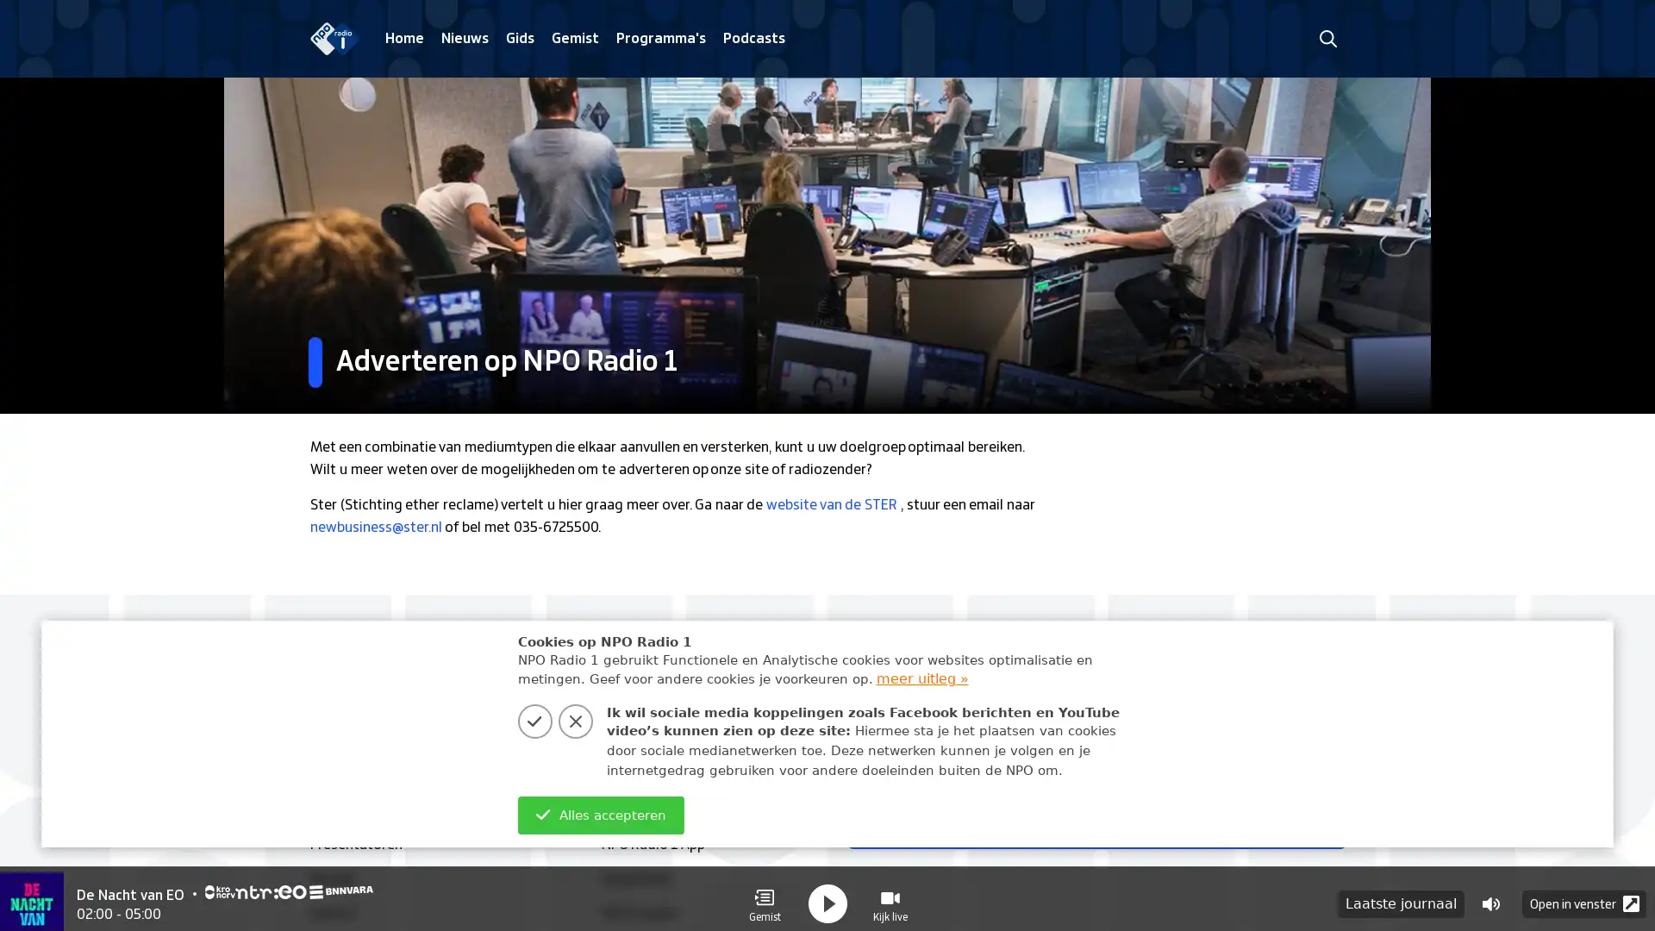 This screenshot has height=931, width=1655. I want to click on Gemist Gemist, so click(764, 893).